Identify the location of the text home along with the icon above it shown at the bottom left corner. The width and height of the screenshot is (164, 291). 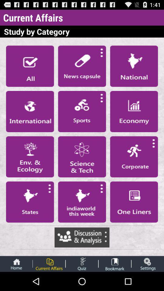
(16, 264).